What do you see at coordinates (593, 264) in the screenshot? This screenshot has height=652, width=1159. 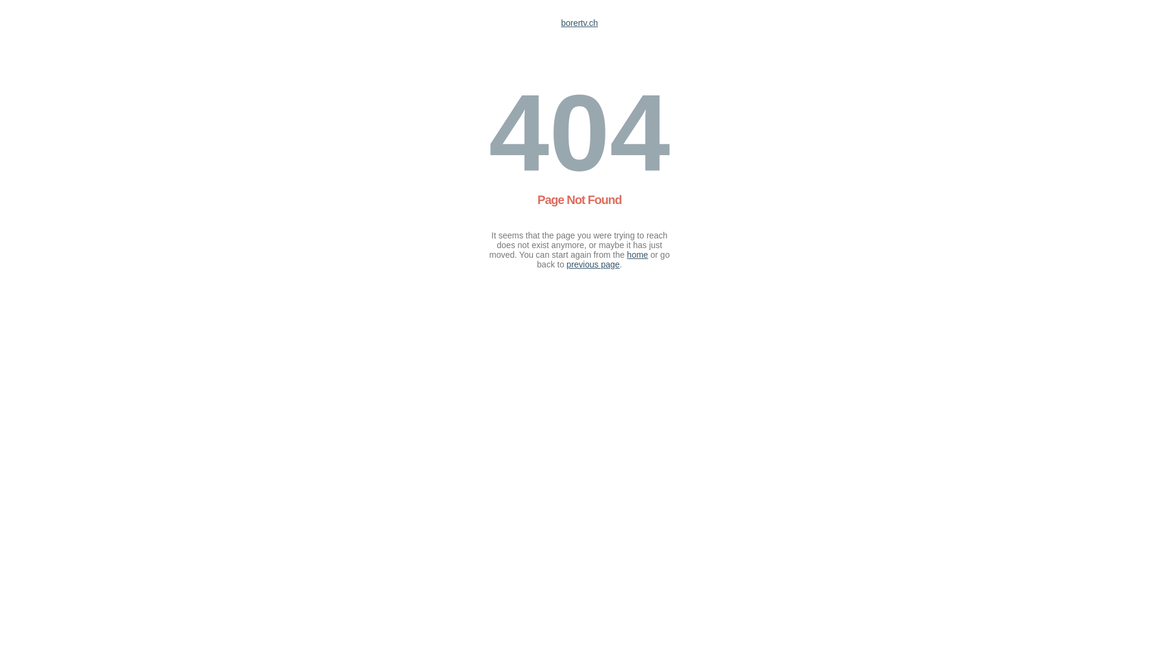 I see `'previous page'` at bounding box center [593, 264].